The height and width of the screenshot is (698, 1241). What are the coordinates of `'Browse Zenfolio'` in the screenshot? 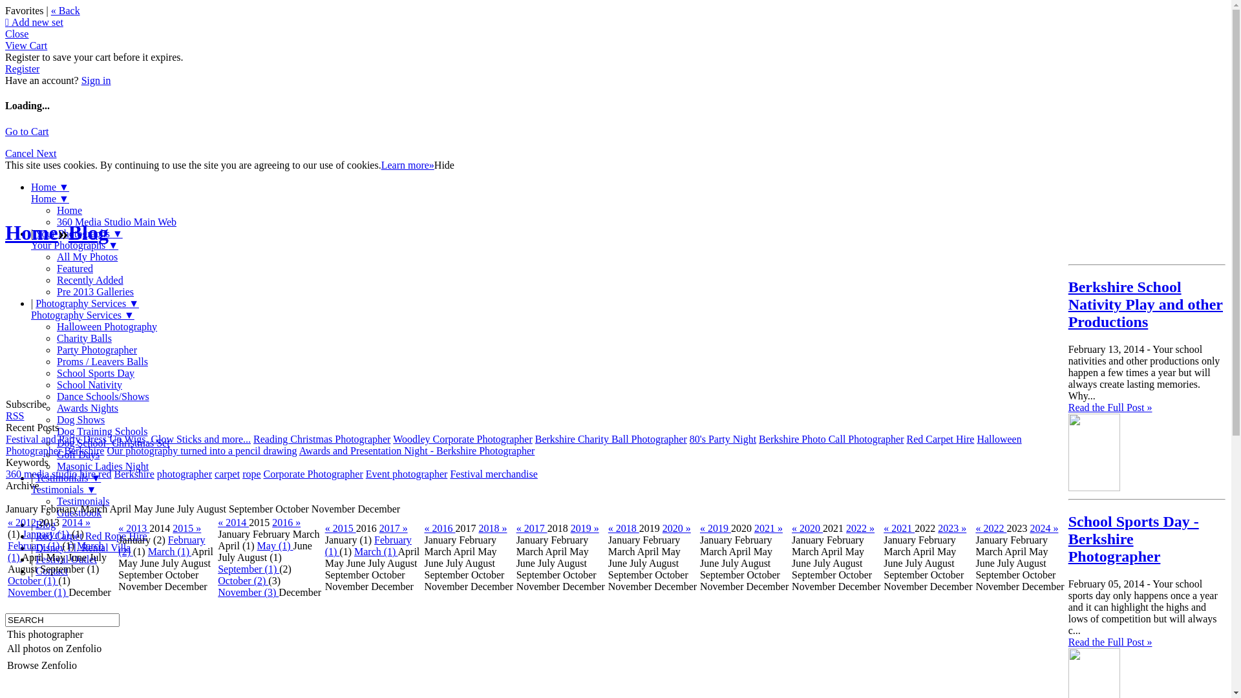 It's located at (53, 665).